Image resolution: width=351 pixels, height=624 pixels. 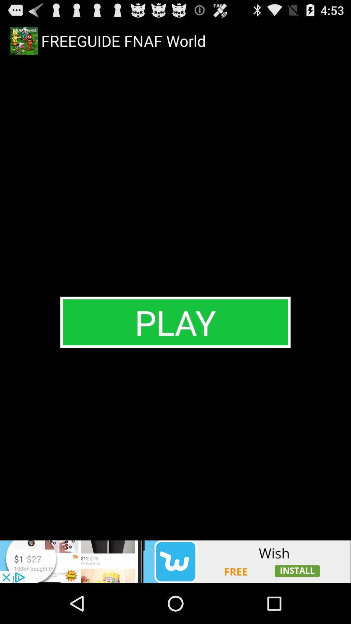 I want to click on advertisement, so click(x=175, y=561).